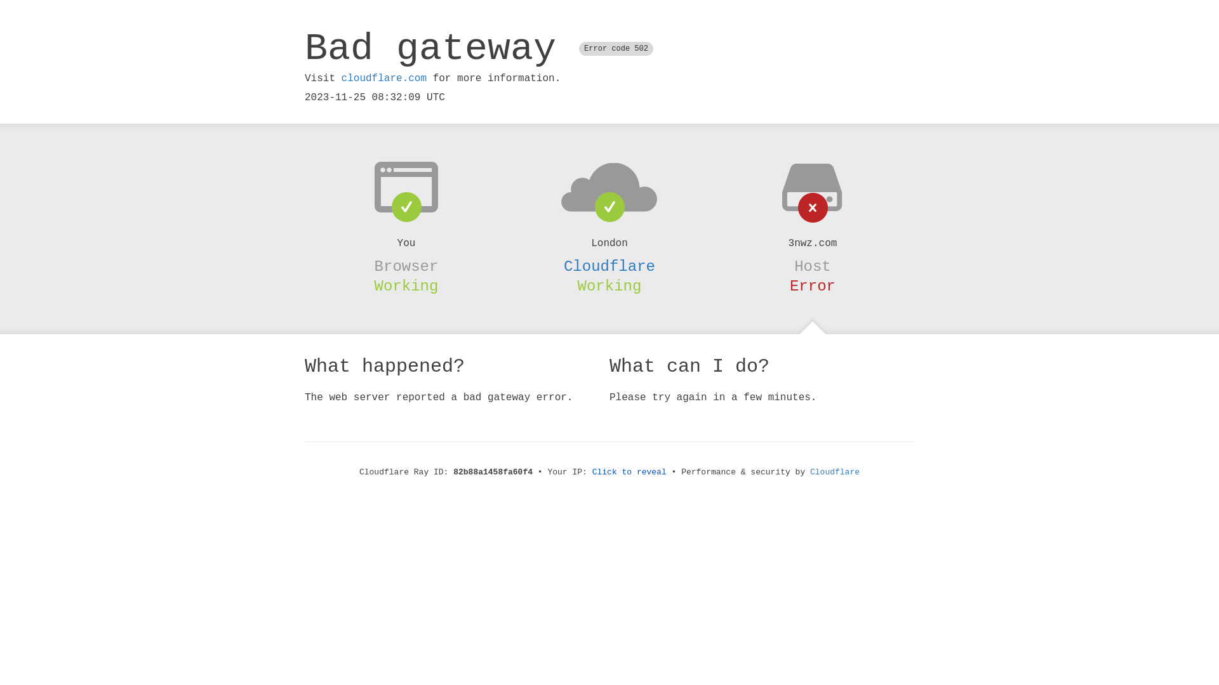 The image size is (1219, 685). Describe the element at coordinates (609, 266) in the screenshot. I see `'Cloudflare'` at that location.